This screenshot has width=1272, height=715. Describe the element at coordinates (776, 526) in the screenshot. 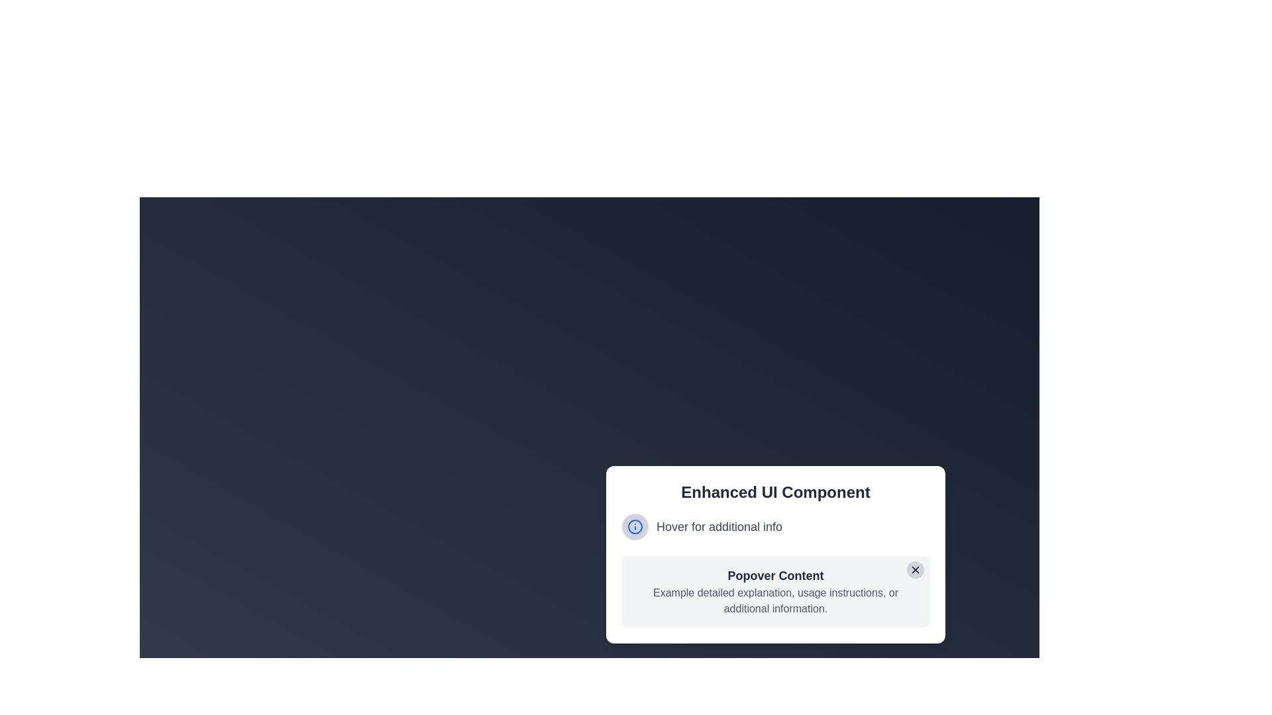

I see `the interactive label located beneath the heading 'Enhanced UI Component' and above the section titled 'Popover Content', which reveals a tooltip with additional guidance` at that location.